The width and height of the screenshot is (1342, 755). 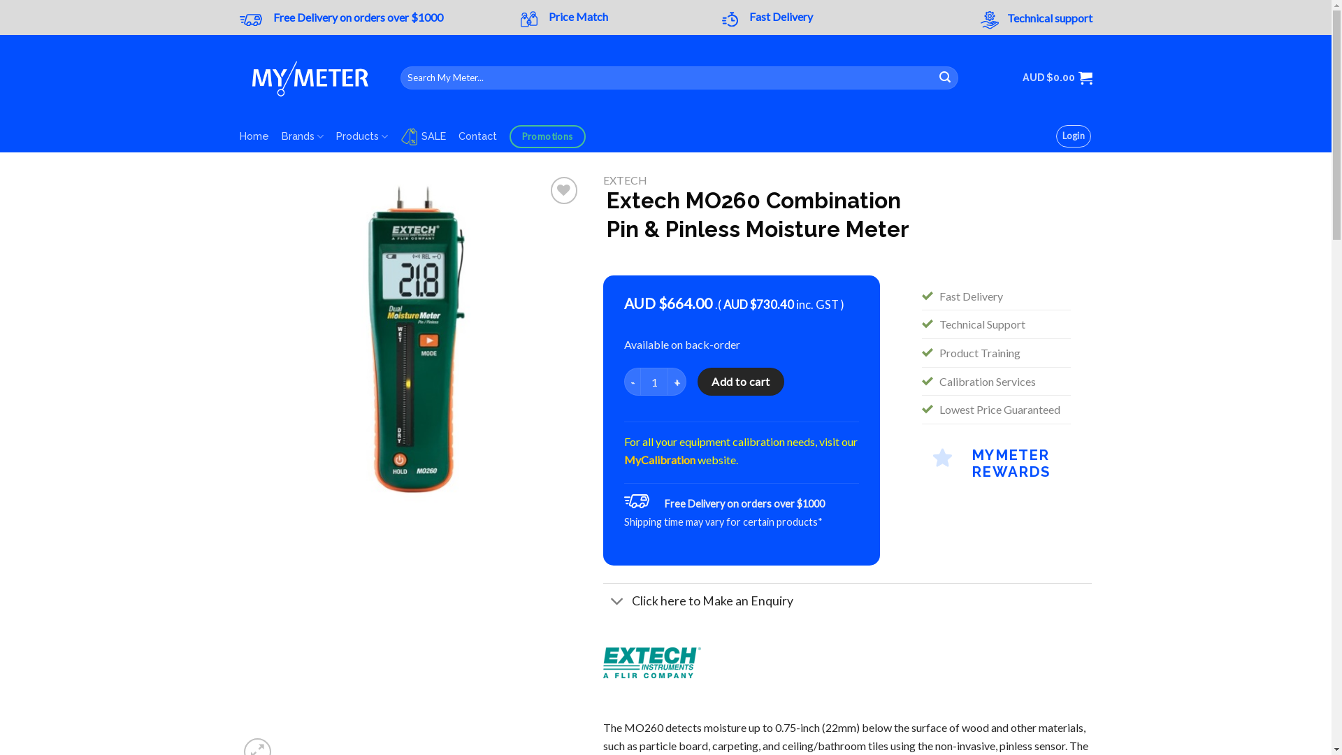 I want to click on 'Product Training', so click(x=979, y=352).